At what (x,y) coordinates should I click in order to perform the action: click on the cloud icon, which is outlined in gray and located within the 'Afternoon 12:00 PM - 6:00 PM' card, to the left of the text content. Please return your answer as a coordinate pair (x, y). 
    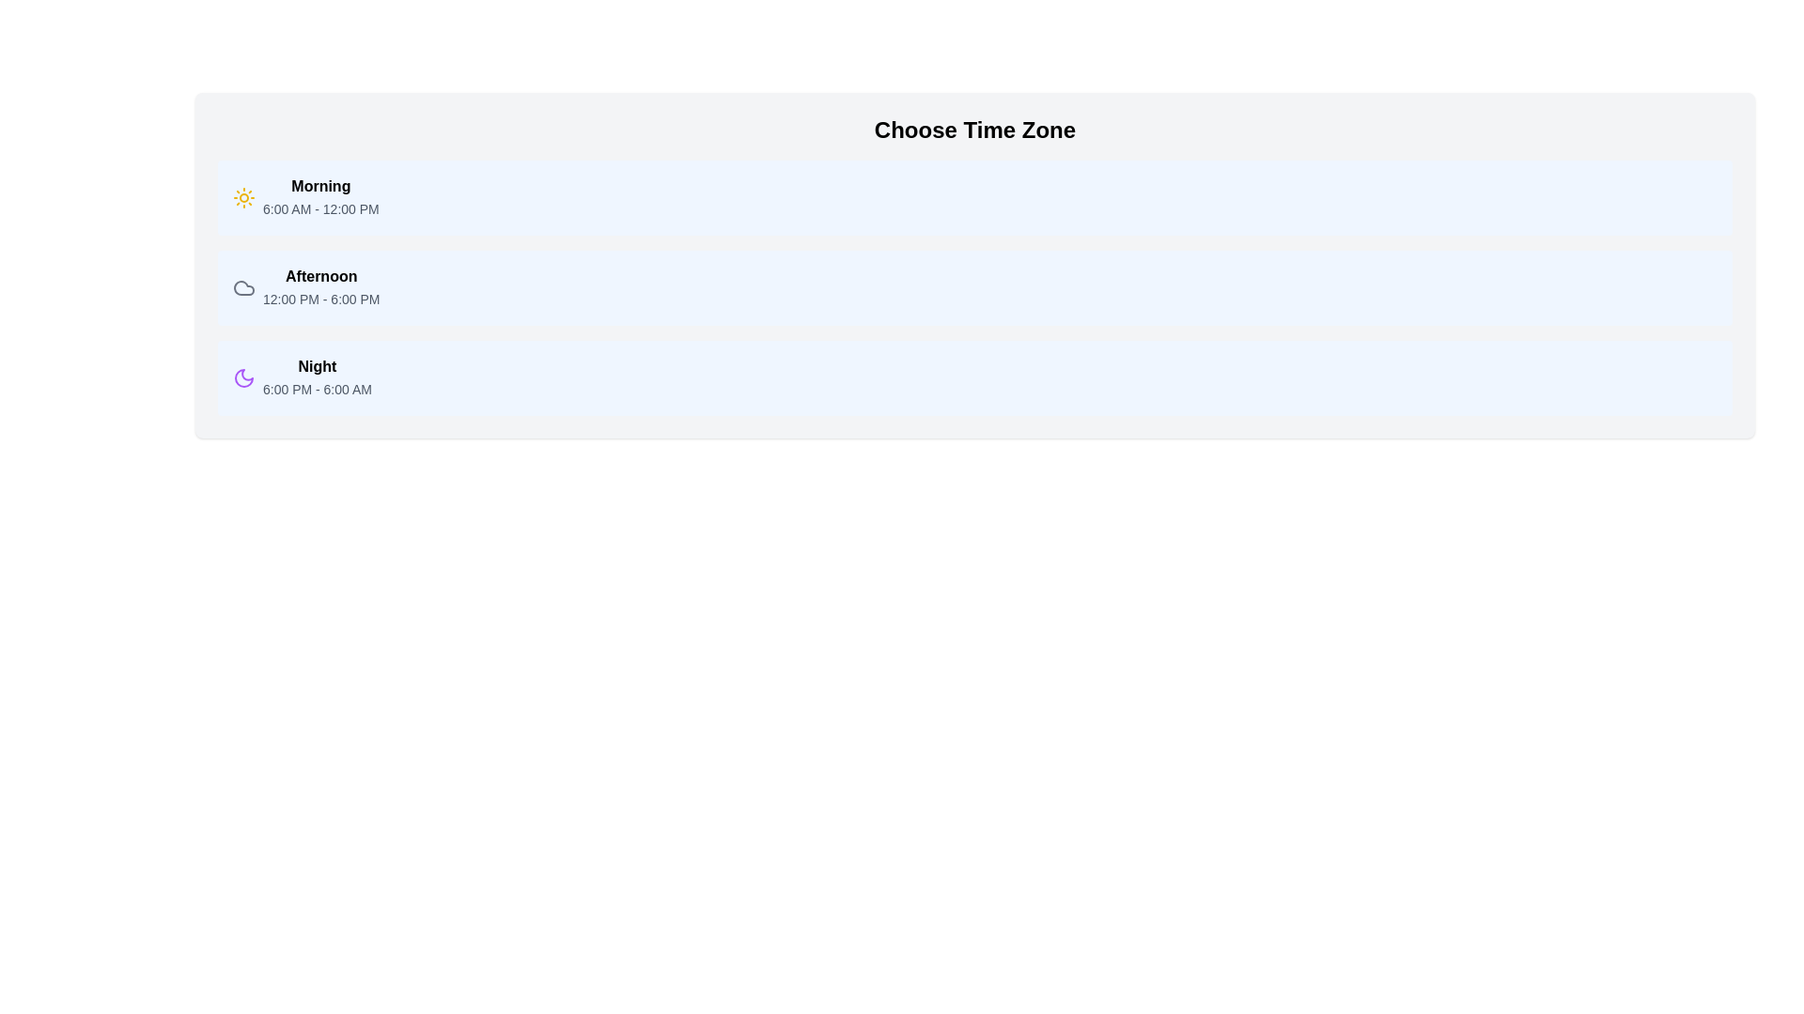
    Looking at the image, I should click on (242, 288).